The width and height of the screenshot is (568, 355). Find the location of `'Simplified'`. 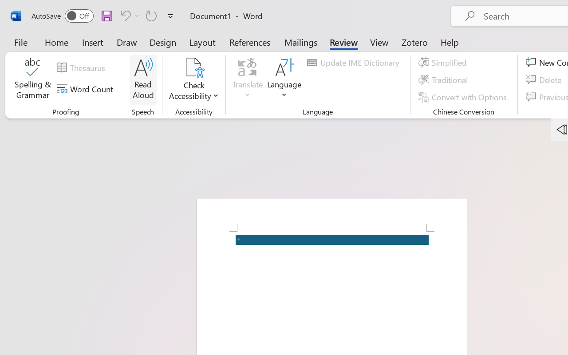

'Simplified' is located at coordinates (444, 63).